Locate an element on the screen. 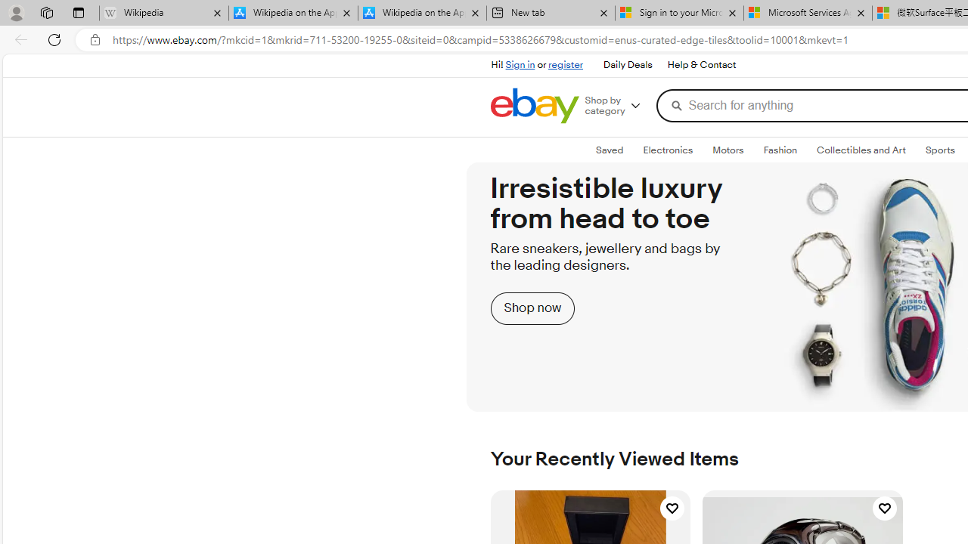 The height and width of the screenshot is (544, 968). 'register' is located at coordinates (565, 64).